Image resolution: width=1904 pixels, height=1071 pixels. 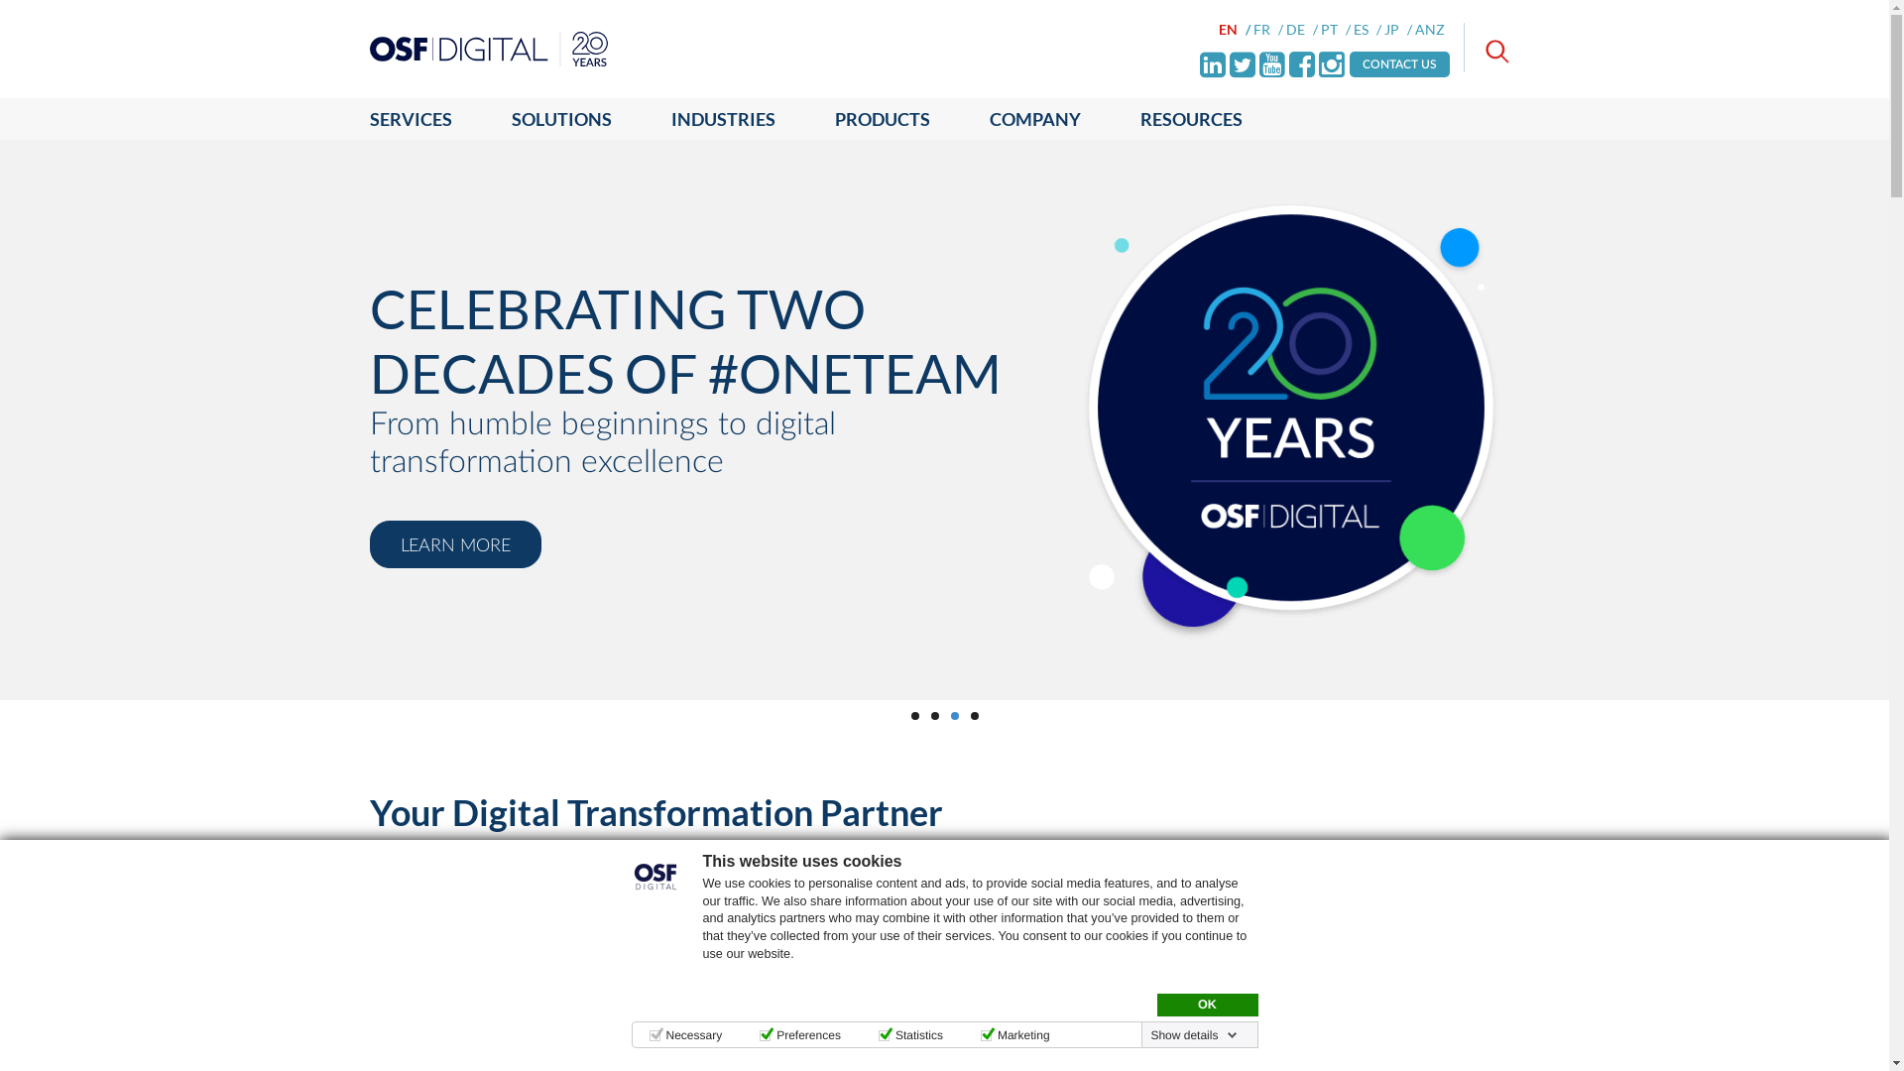 What do you see at coordinates (1146, 1034) in the screenshot?
I see `'Show details'` at bounding box center [1146, 1034].